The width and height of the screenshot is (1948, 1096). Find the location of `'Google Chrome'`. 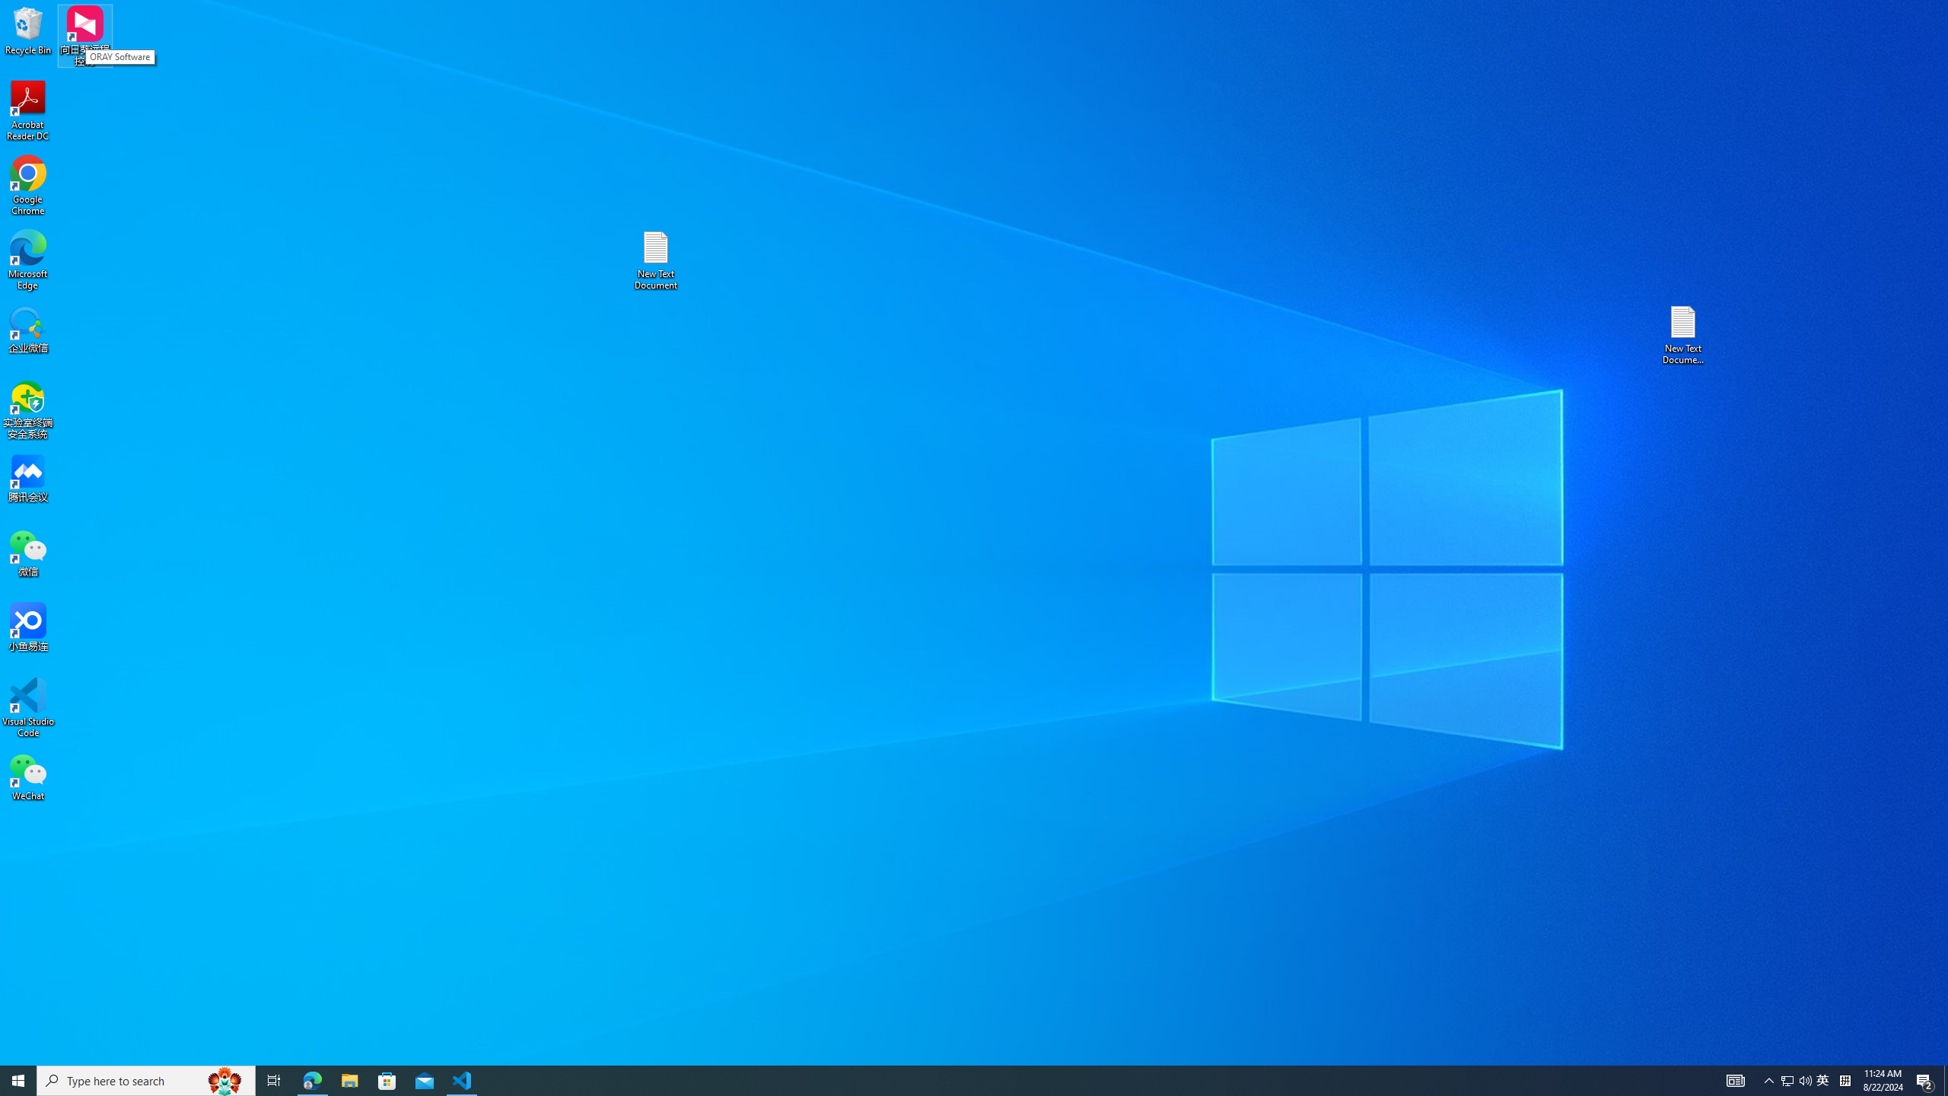

'Google Chrome' is located at coordinates (27, 186).